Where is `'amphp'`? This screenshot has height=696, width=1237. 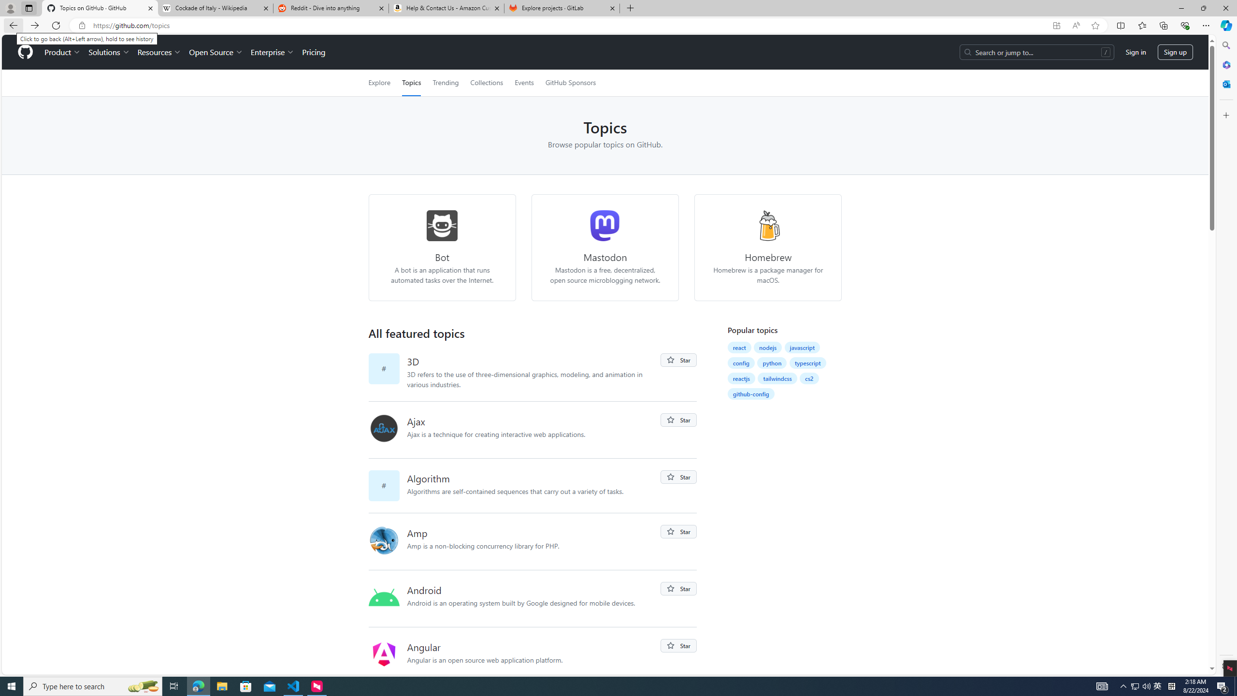 'amphp' is located at coordinates (388, 541).